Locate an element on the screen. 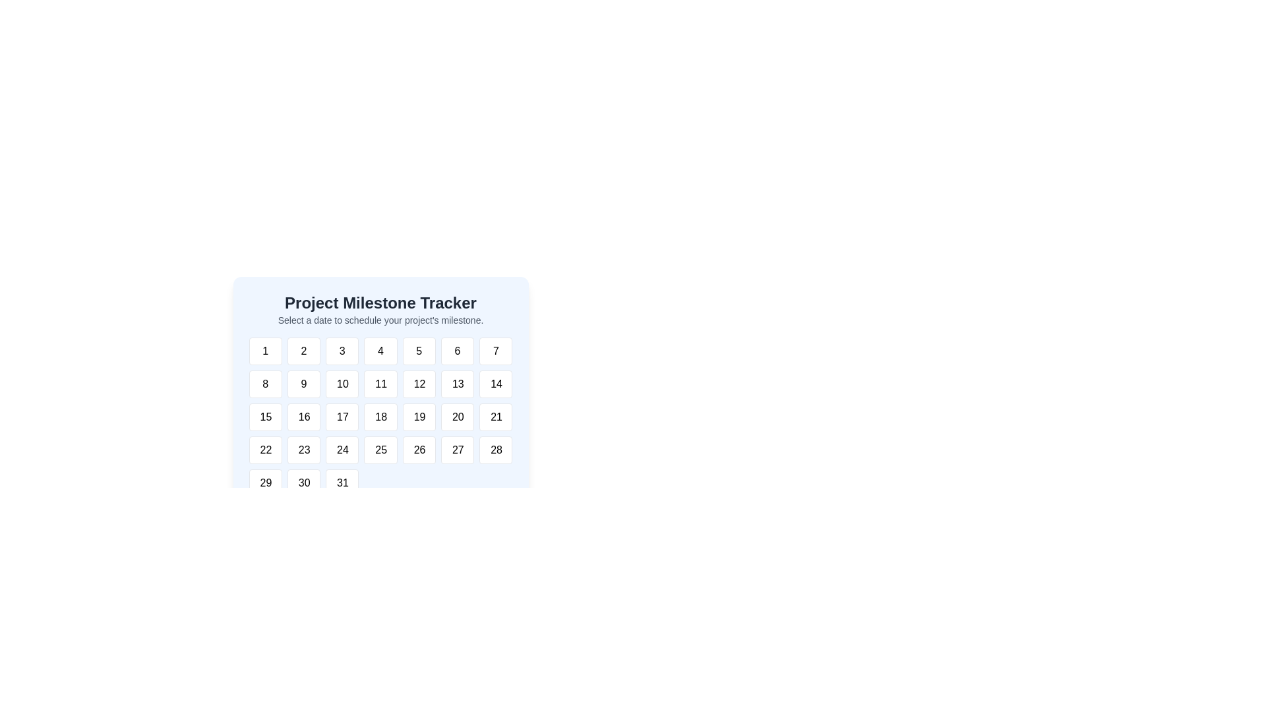 The image size is (1266, 712). the date selection button '31' located at the bottom-right corner of the calendar grid to change its styling is located at coordinates (342, 483).